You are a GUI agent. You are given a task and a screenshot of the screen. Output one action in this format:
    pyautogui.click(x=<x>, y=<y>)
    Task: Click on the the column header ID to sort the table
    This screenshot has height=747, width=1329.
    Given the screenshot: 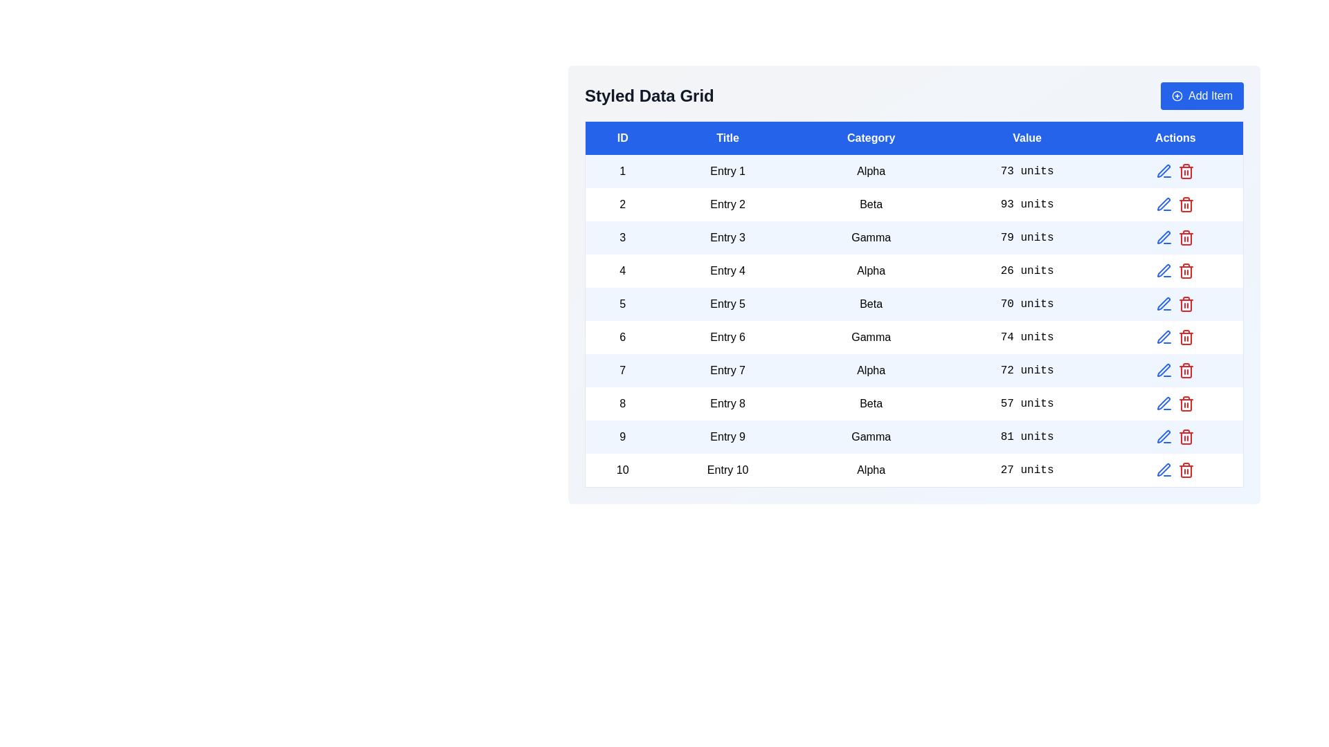 What is the action you would take?
    pyautogui.click(x=622, y=138)
    